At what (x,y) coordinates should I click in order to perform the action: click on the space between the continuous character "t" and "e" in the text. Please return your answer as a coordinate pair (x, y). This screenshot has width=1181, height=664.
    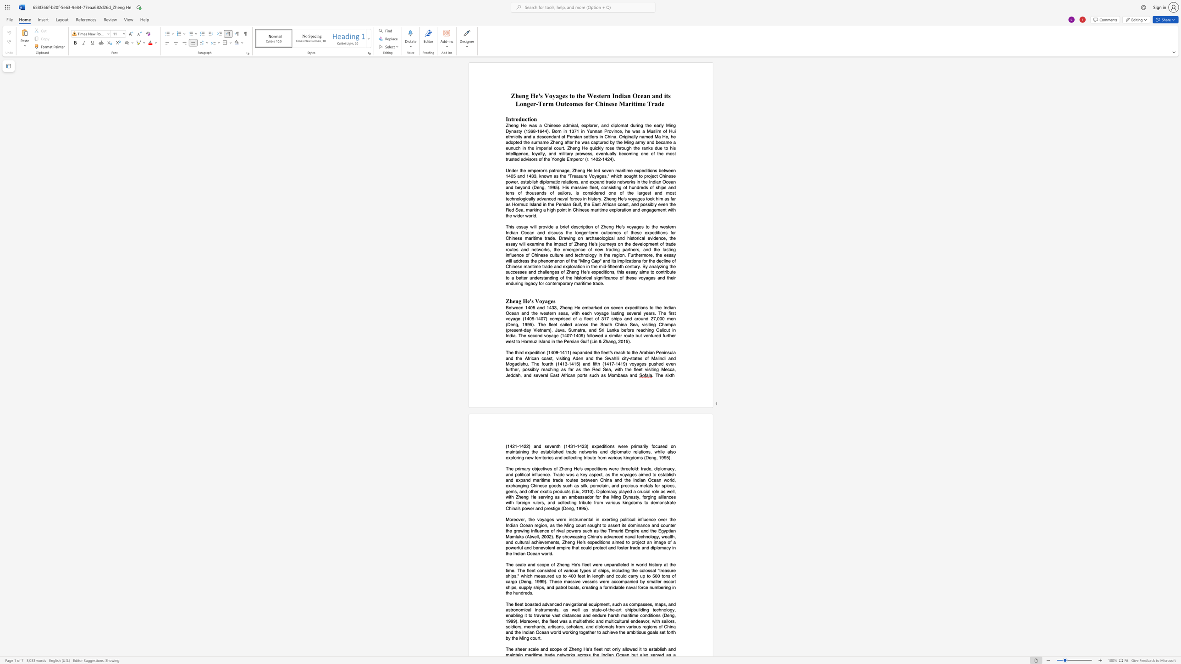
    Looking at the image, I should click on (599, 609).